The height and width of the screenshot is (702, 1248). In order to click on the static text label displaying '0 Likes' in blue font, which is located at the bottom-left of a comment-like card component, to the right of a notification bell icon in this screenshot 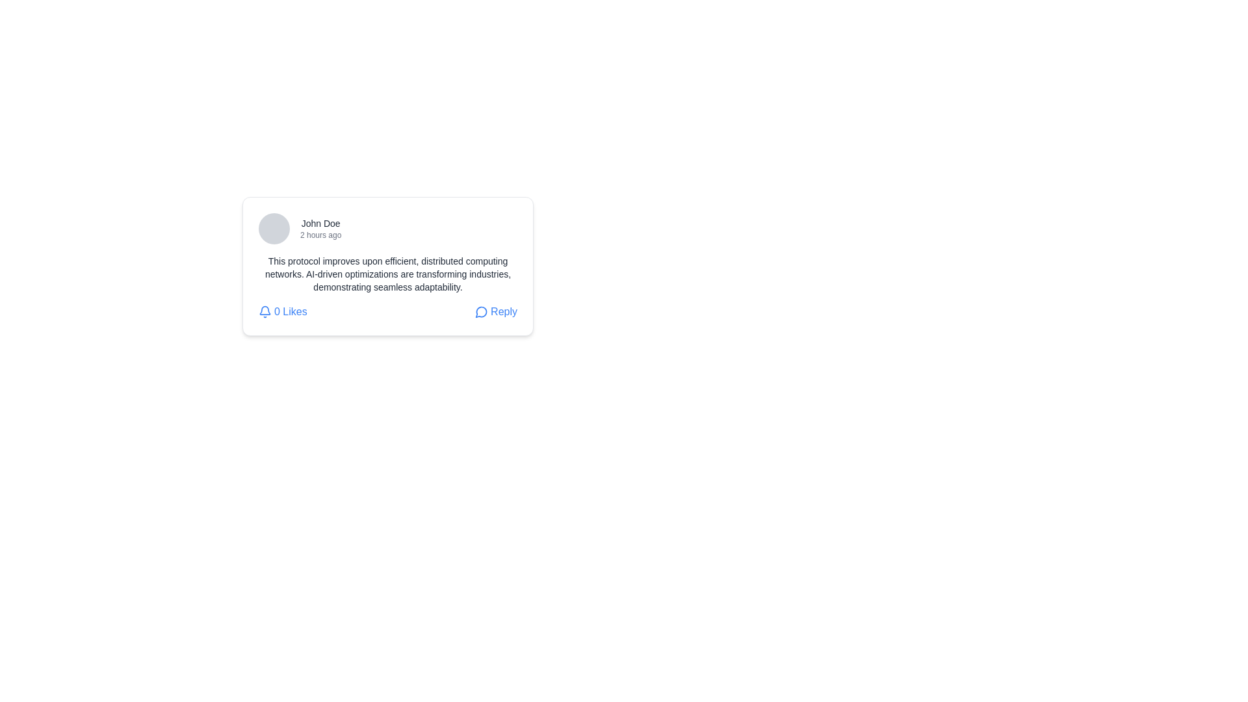, I will do `click(290, 311)`.